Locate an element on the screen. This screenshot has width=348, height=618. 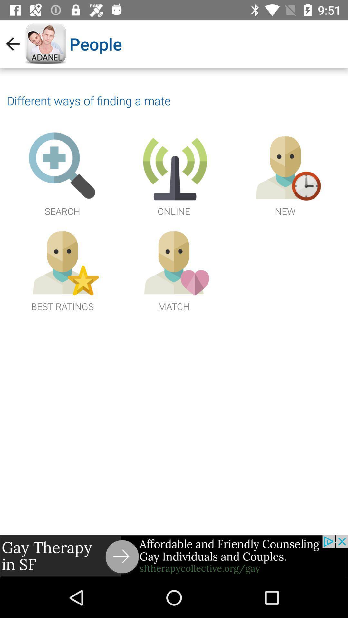
load people ratings is located at coordinates (62, 269).